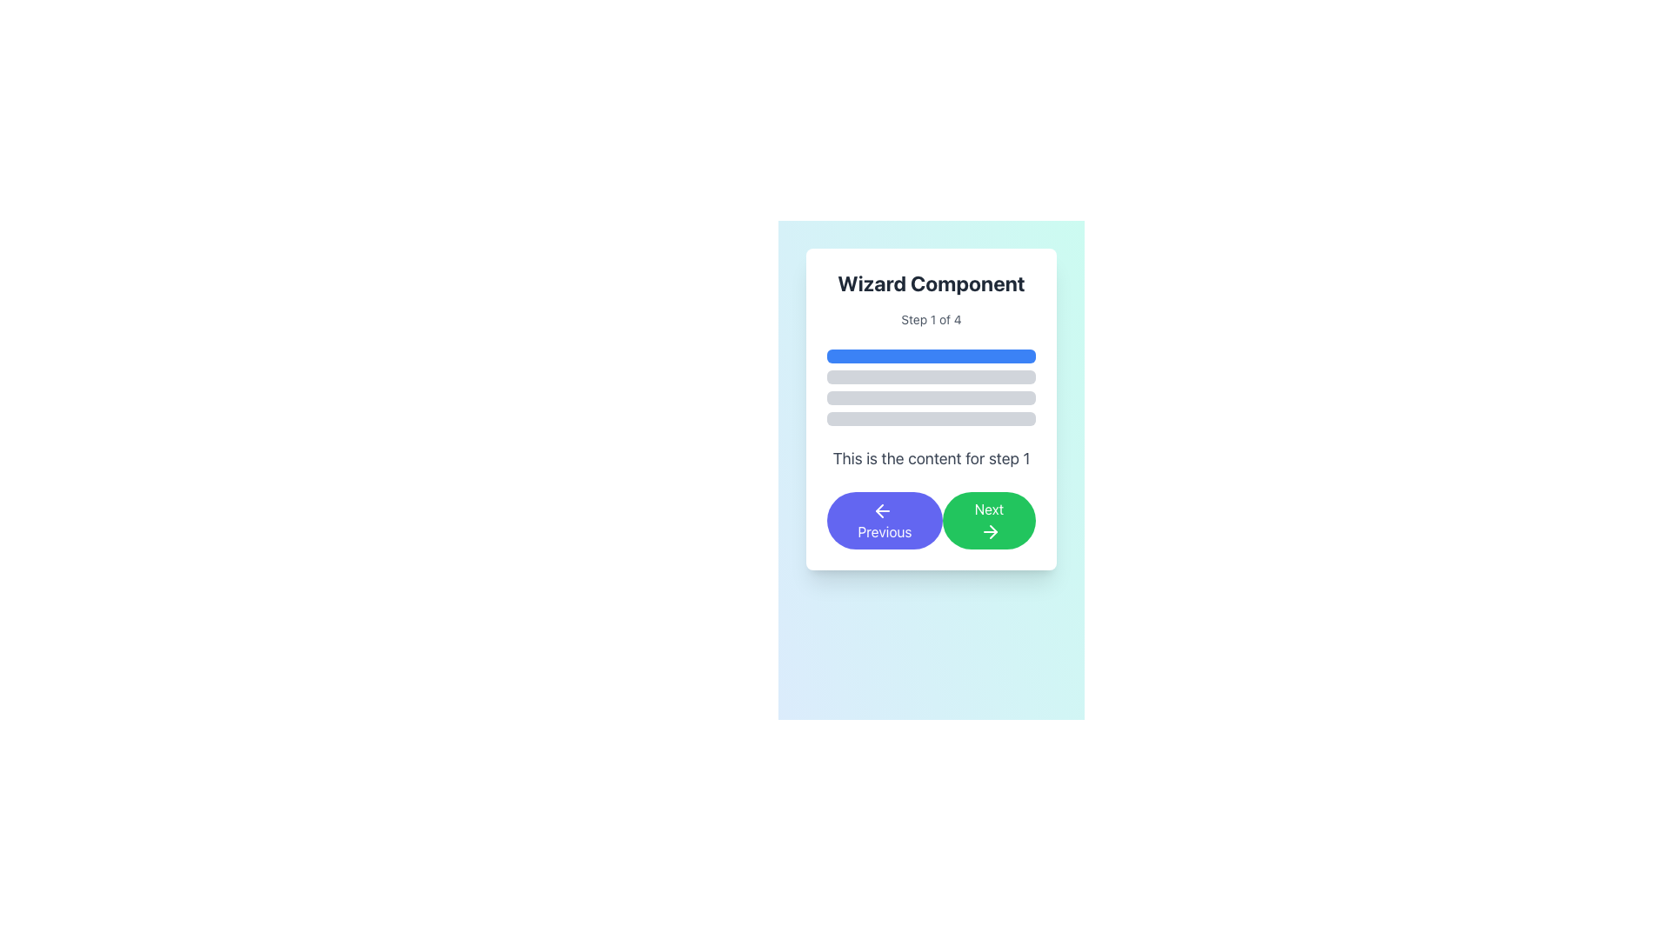  What do you see at coordinates (930, 283) in the screenshot?
I see `the Text Label that serves as a title or heading for the wizard component, positioned at the top of the centered wizard component card` at bounding box center [930, 283].